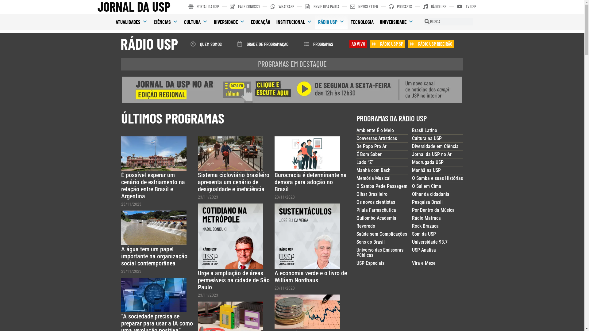 This screenshot has width=589, height=331. I want to click on 'Brasil Latino', so click(424, 130).